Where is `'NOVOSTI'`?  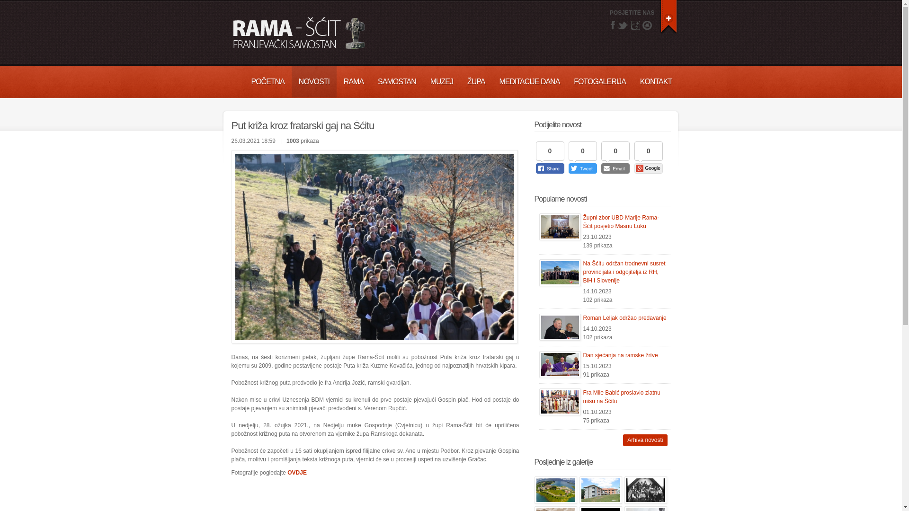 'NOVOSTI' is located at coordinates (314, 81).